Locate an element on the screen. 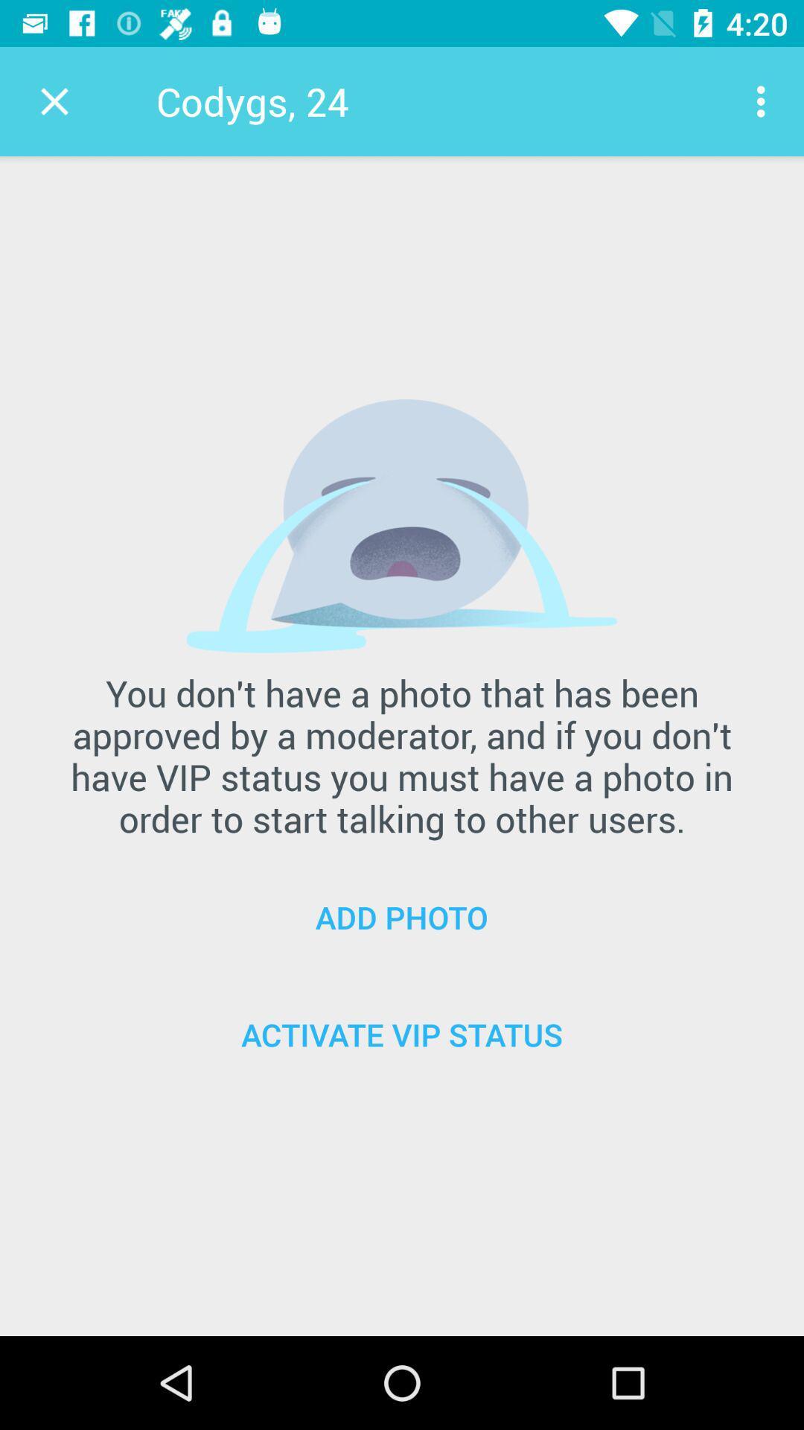 The width and height of the screenshot is (804, 1430). the icon below you don t is located at coordinates (402, 916).